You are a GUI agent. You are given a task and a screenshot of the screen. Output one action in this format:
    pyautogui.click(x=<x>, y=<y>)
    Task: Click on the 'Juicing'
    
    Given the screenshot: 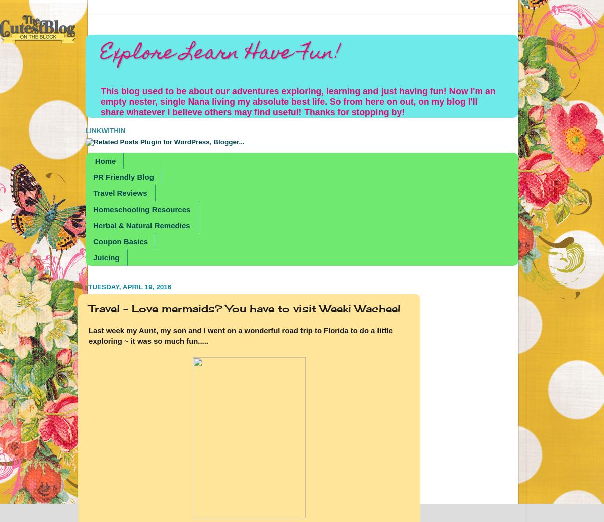 What is the action you would take?
    pyautogui.click(x=93, y=257)
    